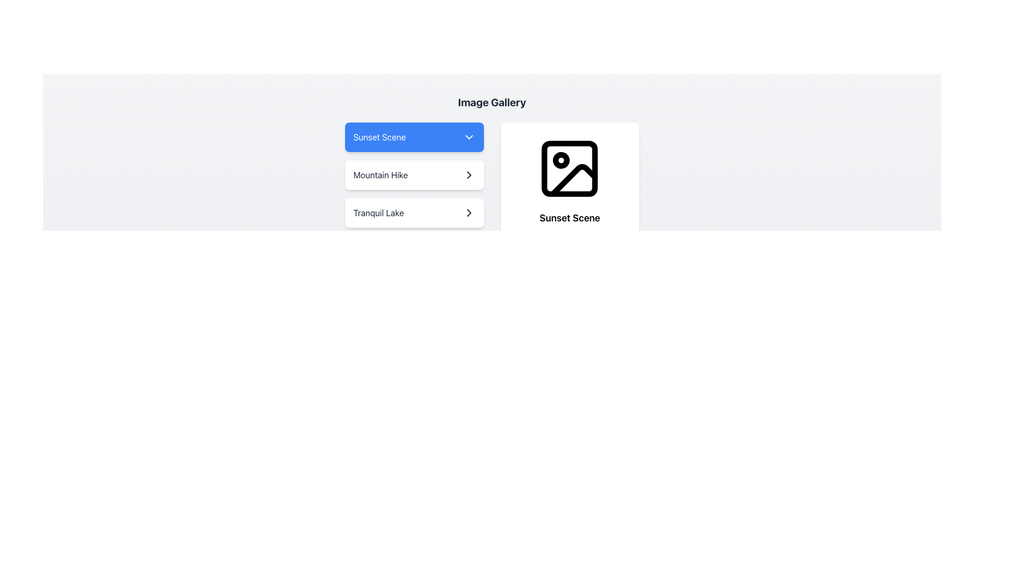 The image size is (1010, 568). Describe the element at coordinates (379, 137) in the screenshot. I see `text content of the label representing the currently selected option in the dropdown menu, which shows 'Sunset Scene.'` at that location.